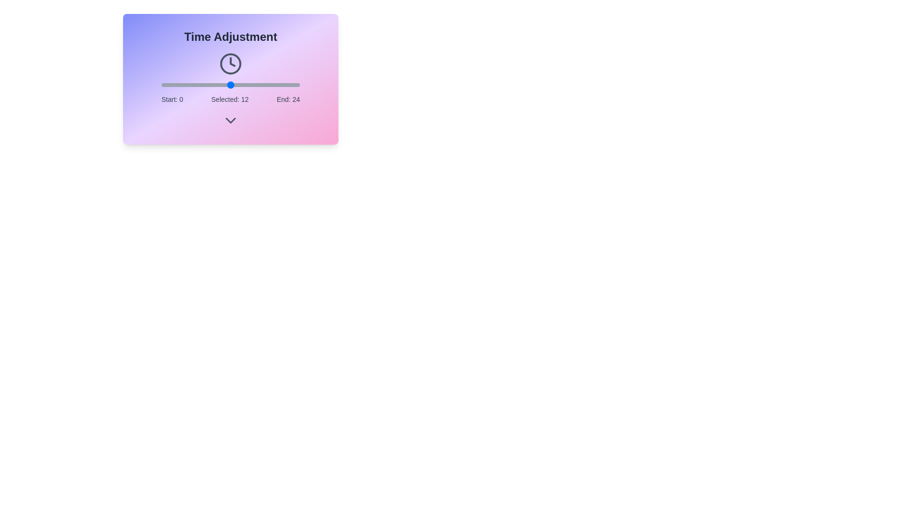  Describe the element at coordinates (162, 85) in the screenshot. I see `the time slider to 0` at that location.